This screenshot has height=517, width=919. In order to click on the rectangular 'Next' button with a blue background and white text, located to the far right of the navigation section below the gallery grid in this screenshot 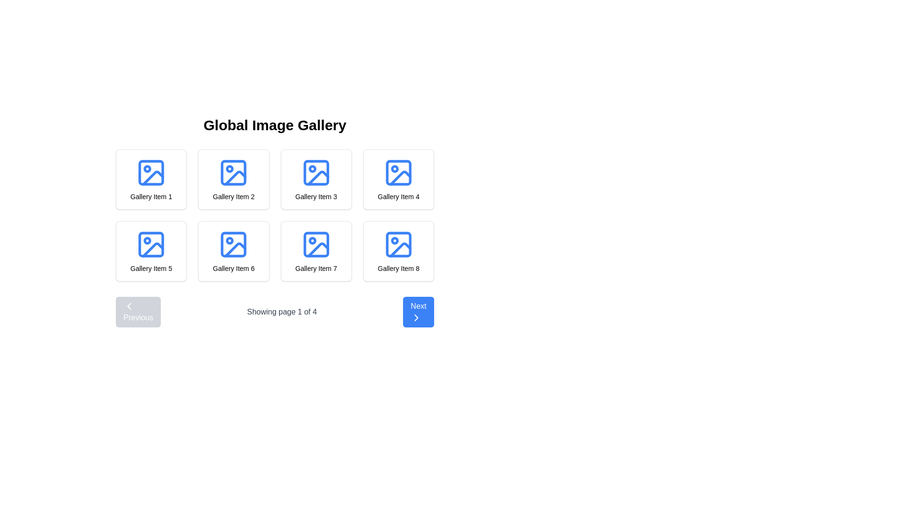, I will do `click(418, 312)`.